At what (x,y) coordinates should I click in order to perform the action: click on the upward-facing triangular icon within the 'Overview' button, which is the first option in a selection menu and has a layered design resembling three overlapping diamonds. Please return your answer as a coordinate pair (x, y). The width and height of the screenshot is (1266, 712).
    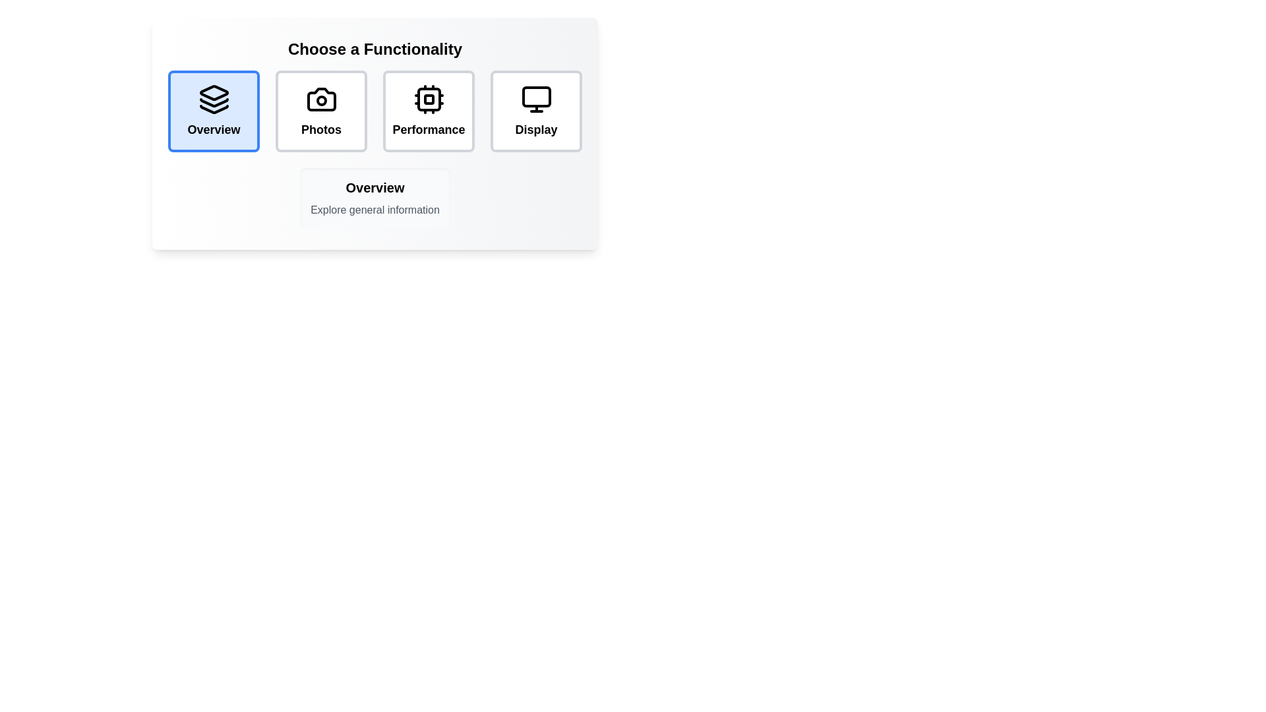
    Looking at the image, I should click on (214, 92).